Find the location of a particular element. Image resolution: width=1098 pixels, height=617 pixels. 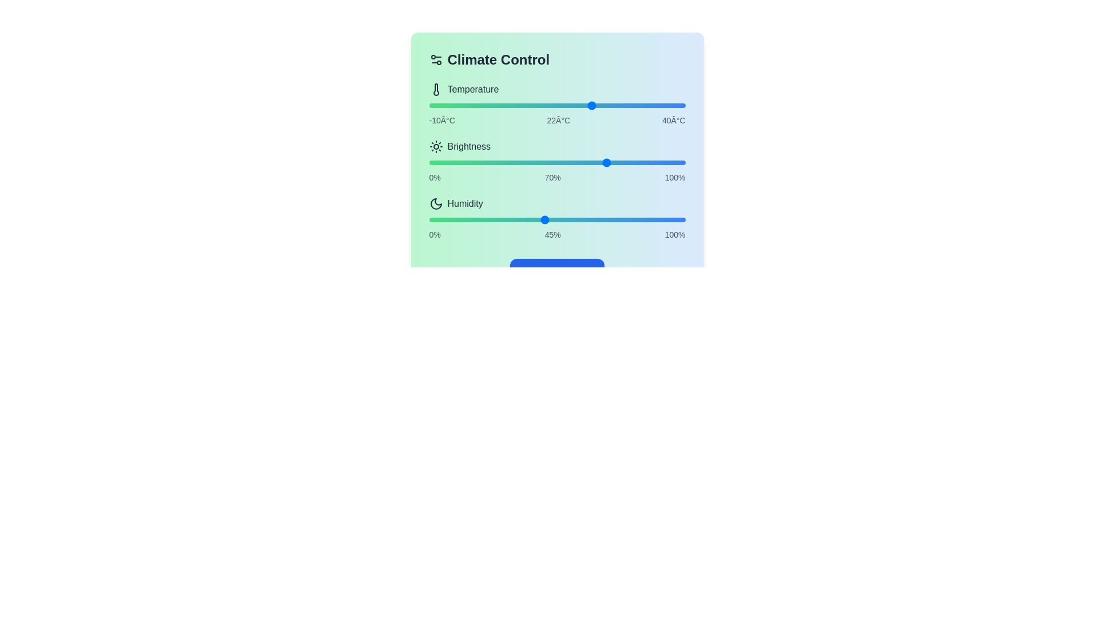

the temperature icon located to the left of the 'Temperature' label in the 'Climate Control' interface is located at coordinates (435, 89).